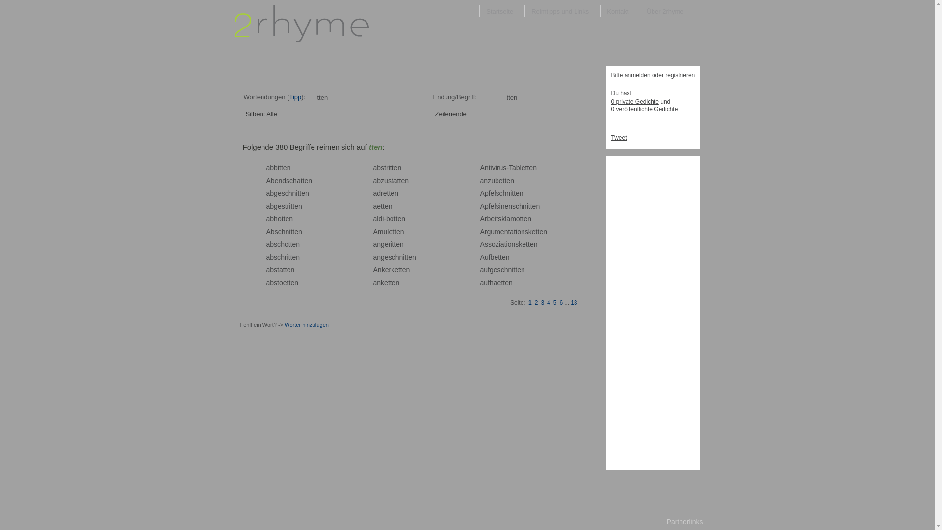 The width and height of the screenshot is (942, 530). Describe the element at coordinates (611, 102) in the screenshot. I see `'0 private Gedichte'` at that location.